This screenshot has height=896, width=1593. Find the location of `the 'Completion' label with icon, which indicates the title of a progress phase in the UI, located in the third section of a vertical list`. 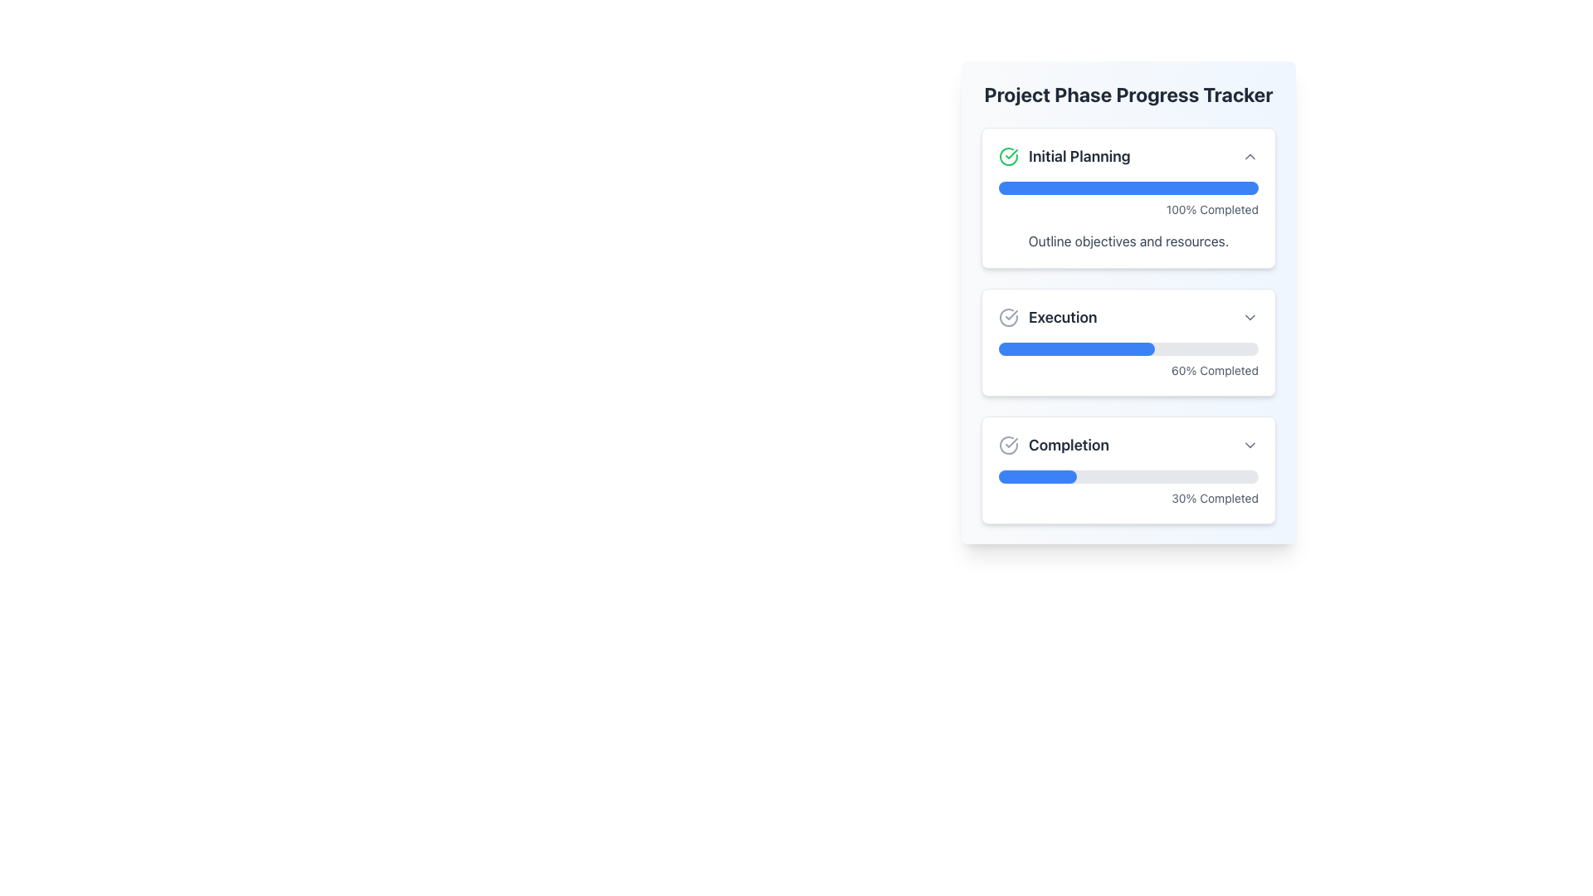

the 'Completion' label with icon, which indicates the title of a progress phase in the UI, located in the third section of a vertical list is located at coordinates (1053, 444).